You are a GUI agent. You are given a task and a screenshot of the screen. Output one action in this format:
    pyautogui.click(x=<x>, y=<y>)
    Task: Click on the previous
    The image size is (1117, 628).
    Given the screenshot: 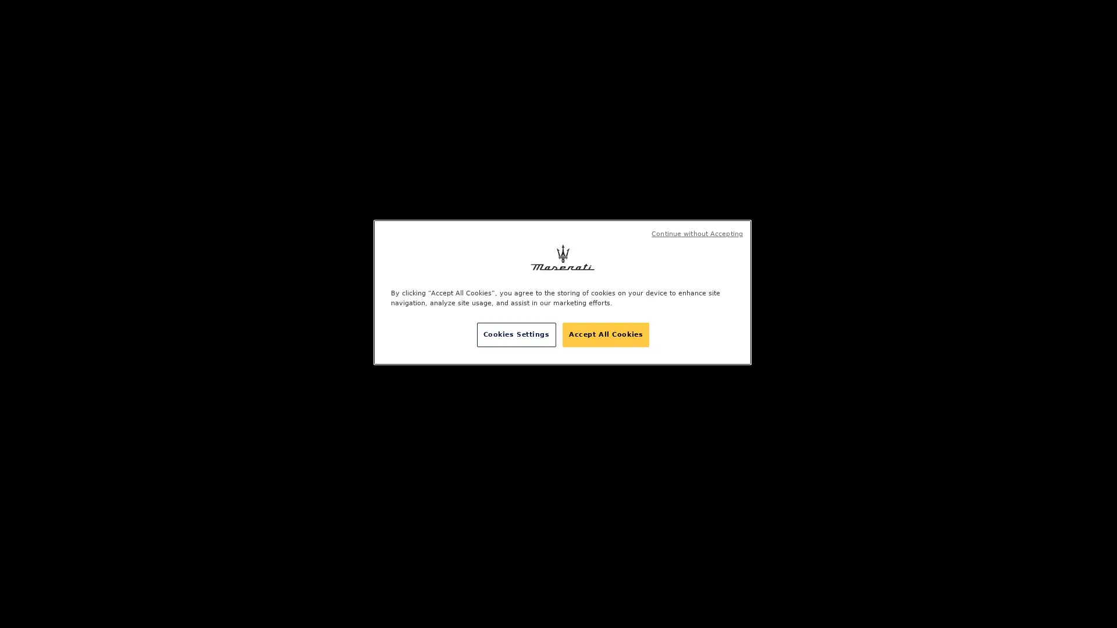 What is the action you would take?
    pyautogui.click(x=150, y=270)
    